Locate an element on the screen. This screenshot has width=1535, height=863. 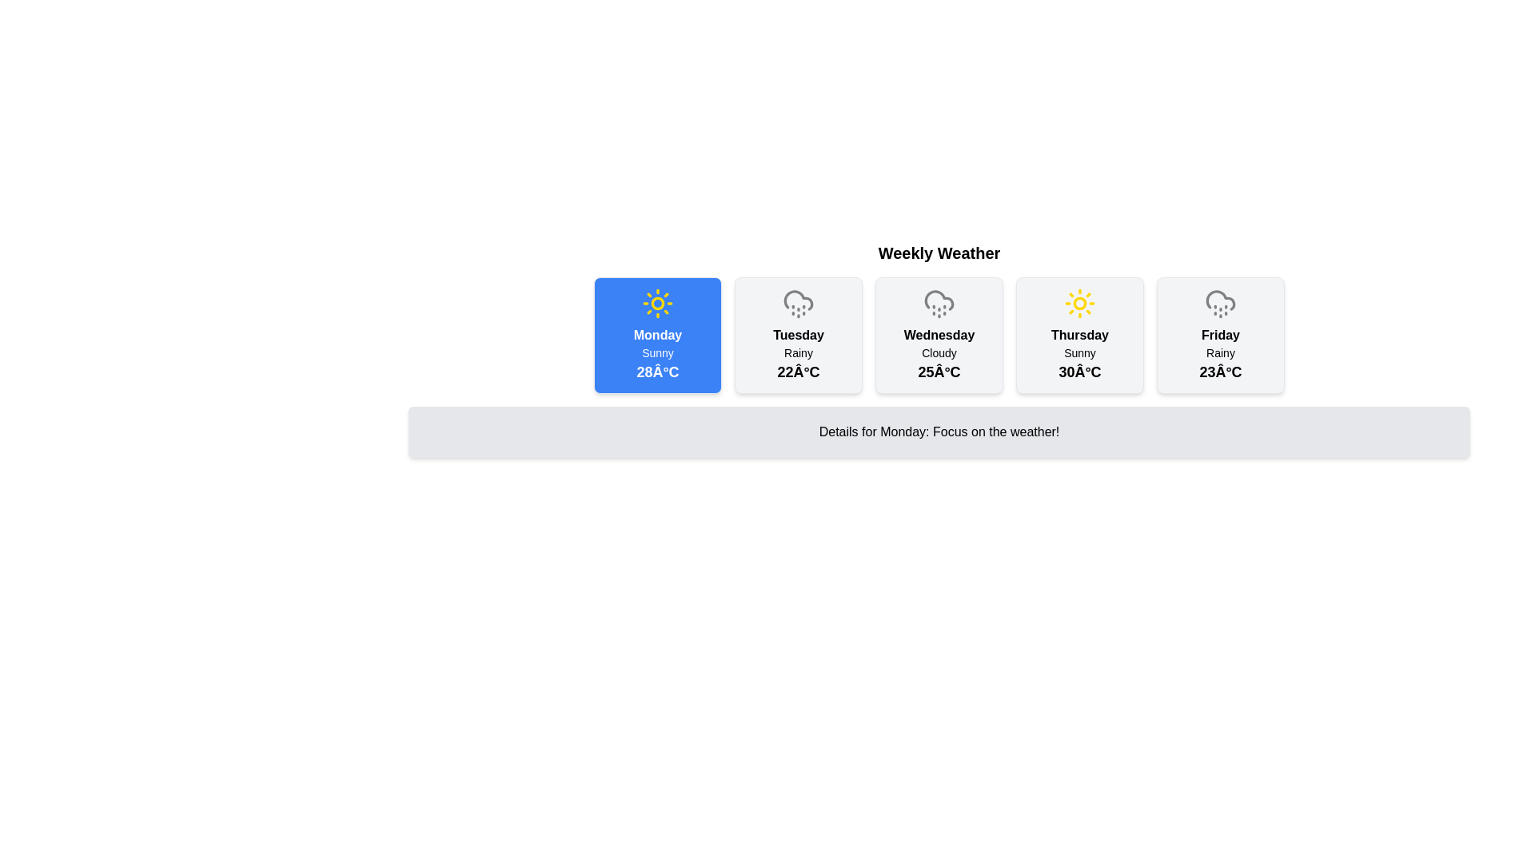
the text label that reads 'Cloudy', located in the third weather forecast card below the day label 'Wednesday' and above the temperature '25°C' is located at coordinates (939, 352).